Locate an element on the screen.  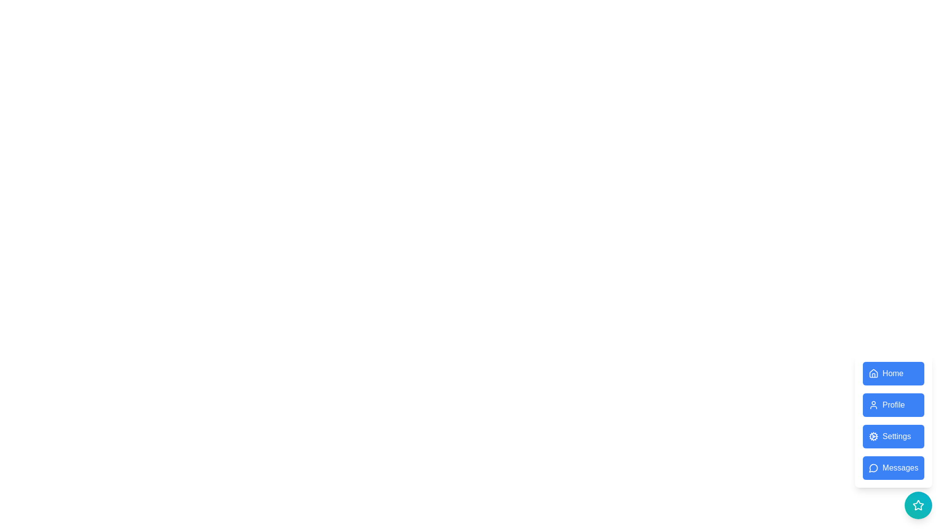
the 'Profile' text label in the top-right quadrant of the user interface is located at coordinates (893, 405).